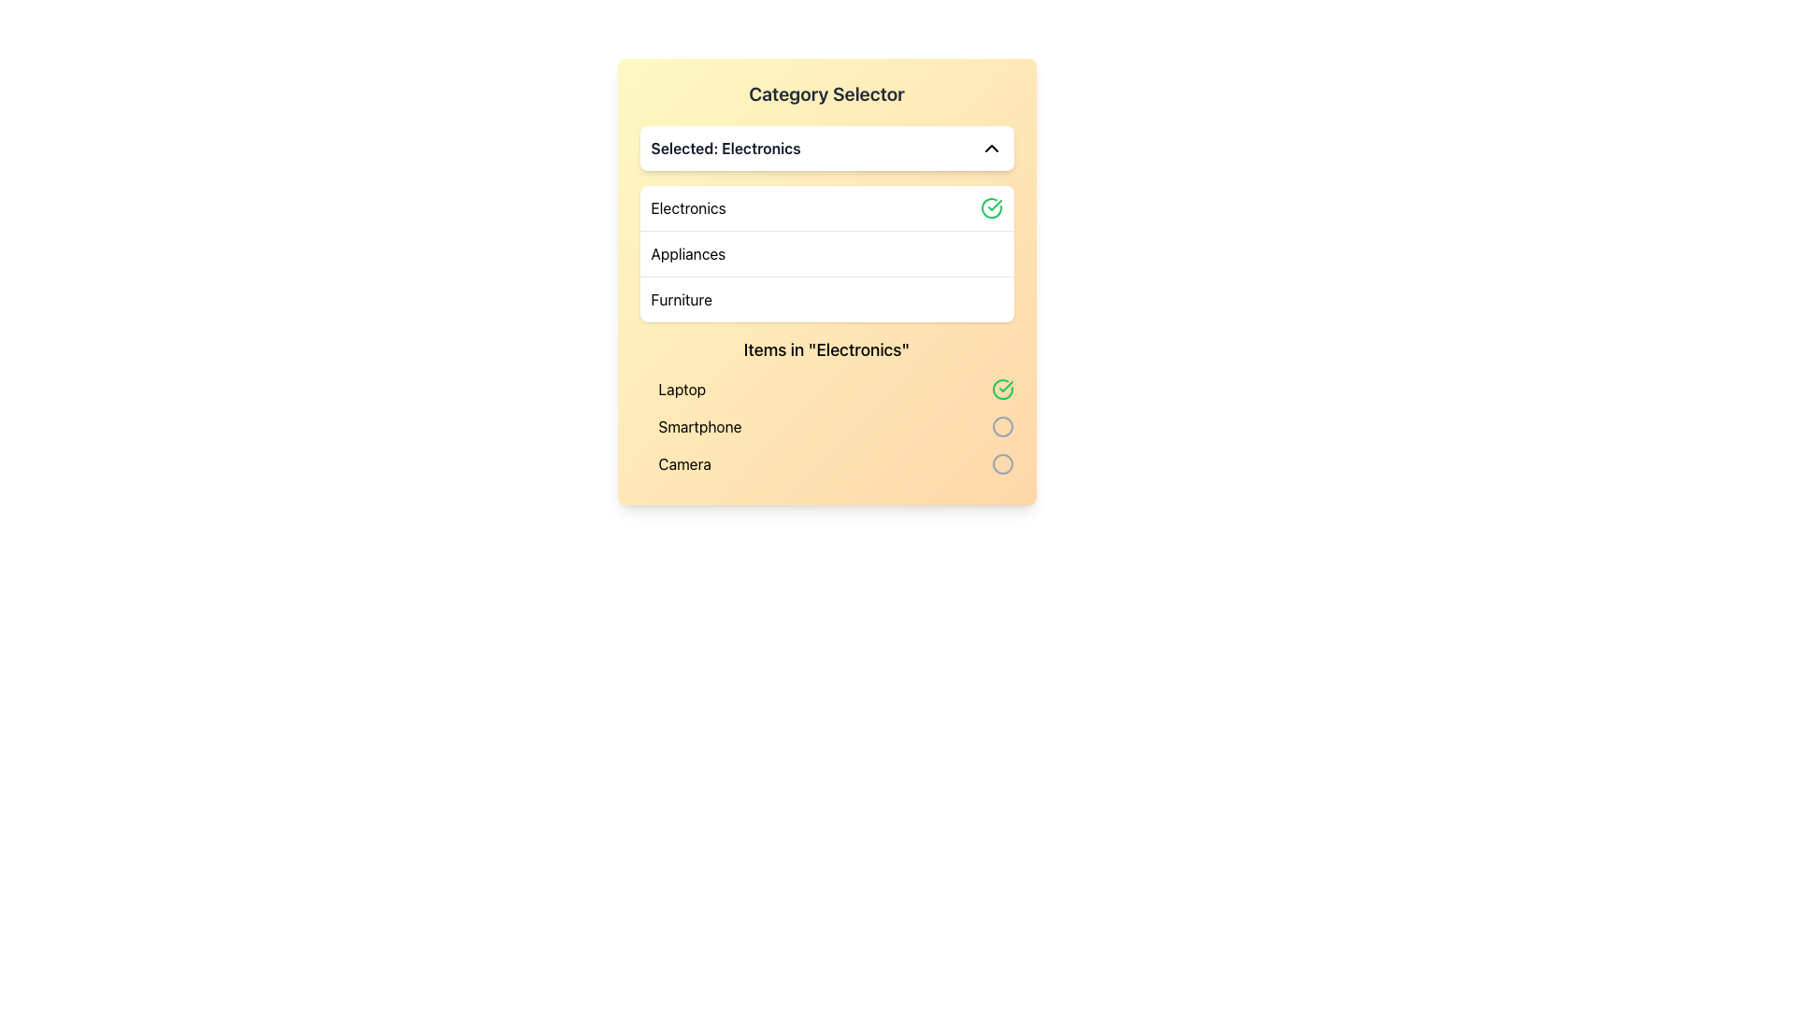 The image size is (1795, 1009). Describe the element at coordinates (687, 254) in the screenshot. I see `the 'Appliances' text label in the category selection menu` at that location.